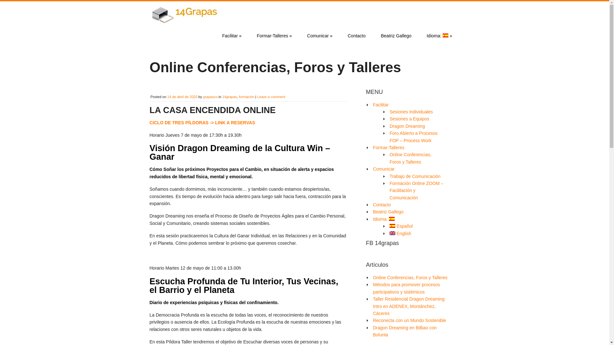 This screenshot has width=614, height=345. I want to click on ' English', so click(400, 234).